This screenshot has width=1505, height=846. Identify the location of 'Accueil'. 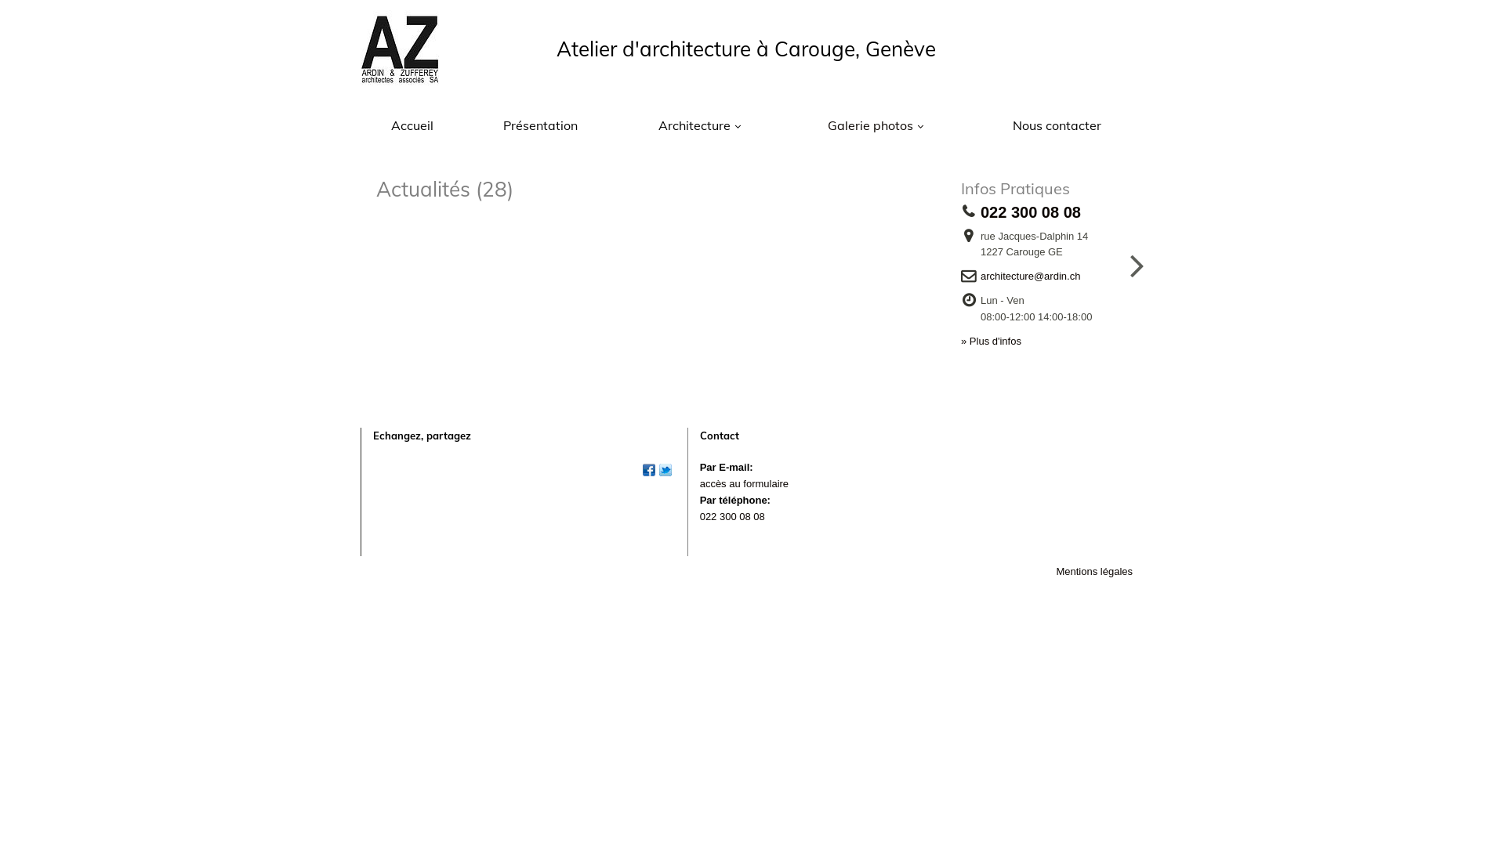
(412, 125).